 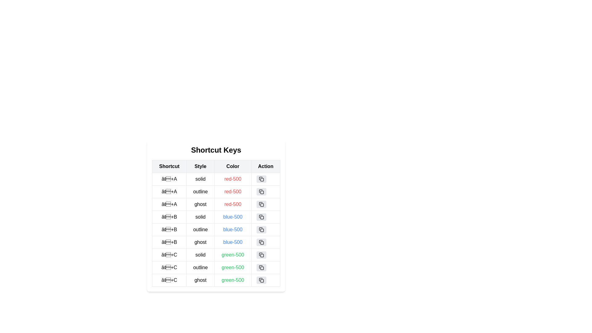 What do you see at coordinates (232, 229) in the screenshot?
I see `the blue-colored text label reading 'blue-500' located in the 'Color' column of the table, specifically in the row for the combination '⌘+B' and 'outline'` at bounding box center [232, 229].